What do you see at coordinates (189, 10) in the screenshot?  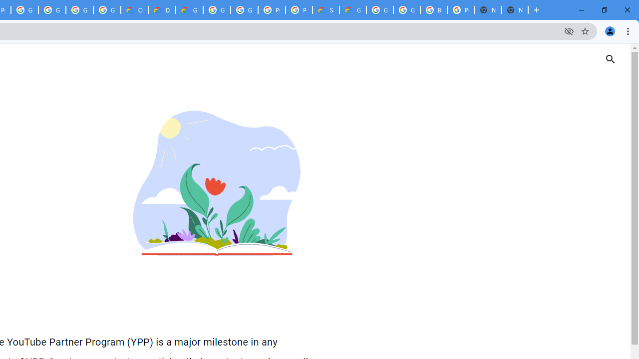 I see `'Gemini for Business and Developers | Google Cloud'` at bounding box center [189, 10].